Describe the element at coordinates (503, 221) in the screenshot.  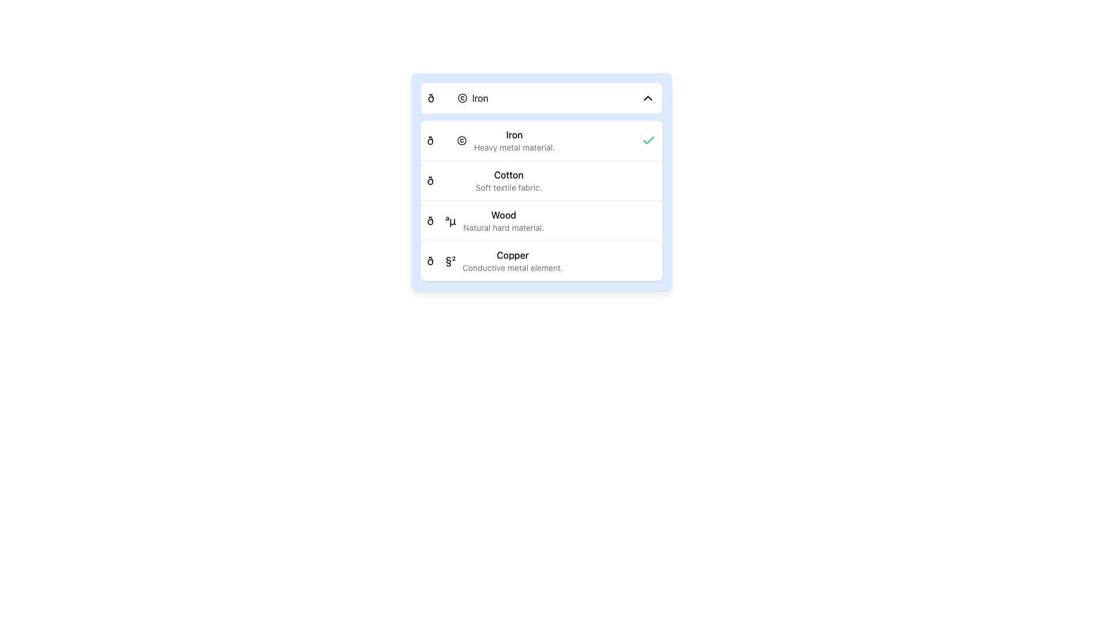
I see `the list item labeled 'Wood' in the dropdown menu` at that location.